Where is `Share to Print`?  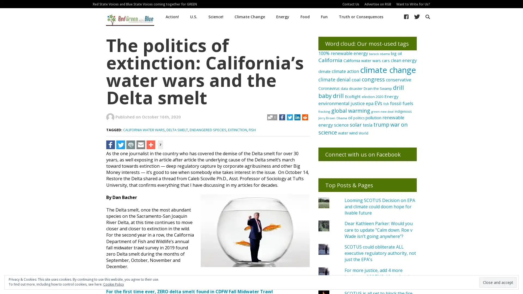
Share to Print is located at coordinates (131, 144).